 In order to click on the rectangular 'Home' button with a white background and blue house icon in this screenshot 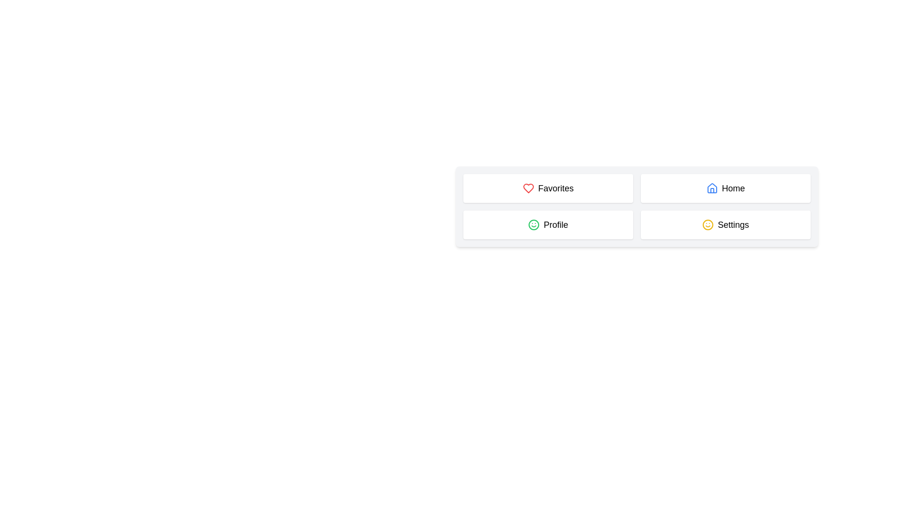, I will do `click(725, 188)`.